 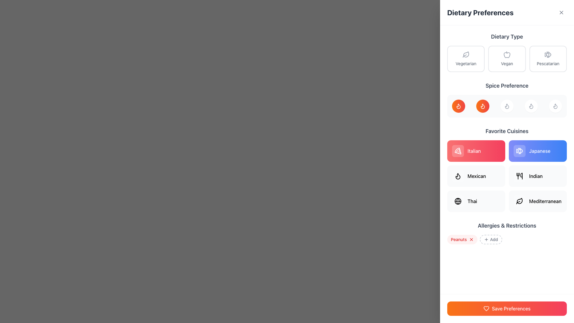 What do you see at coordinates (483, 106) in the screenshot?
I see `the flame-shaped SVG icon button in the second position of the Spice Preference section` at bounding box center [483, 106].